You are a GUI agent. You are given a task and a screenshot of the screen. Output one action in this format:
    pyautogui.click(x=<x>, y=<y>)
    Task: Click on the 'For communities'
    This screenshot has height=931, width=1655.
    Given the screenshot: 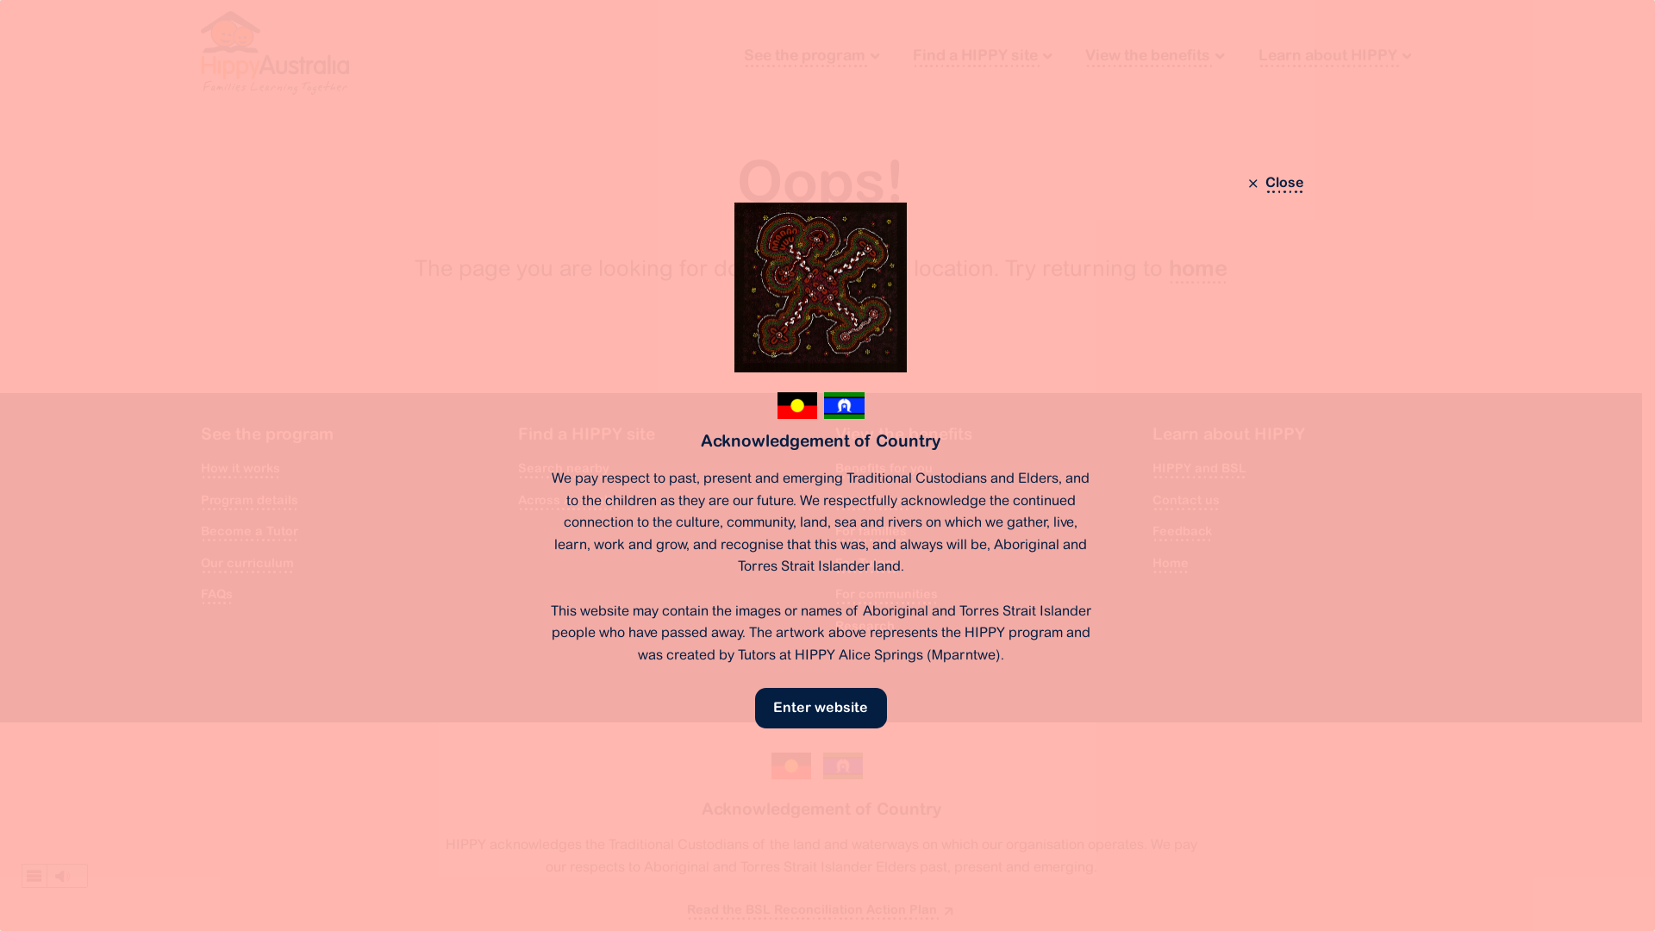 What is the action you would take?
    pyautogui.click(x=885, y=594)
    